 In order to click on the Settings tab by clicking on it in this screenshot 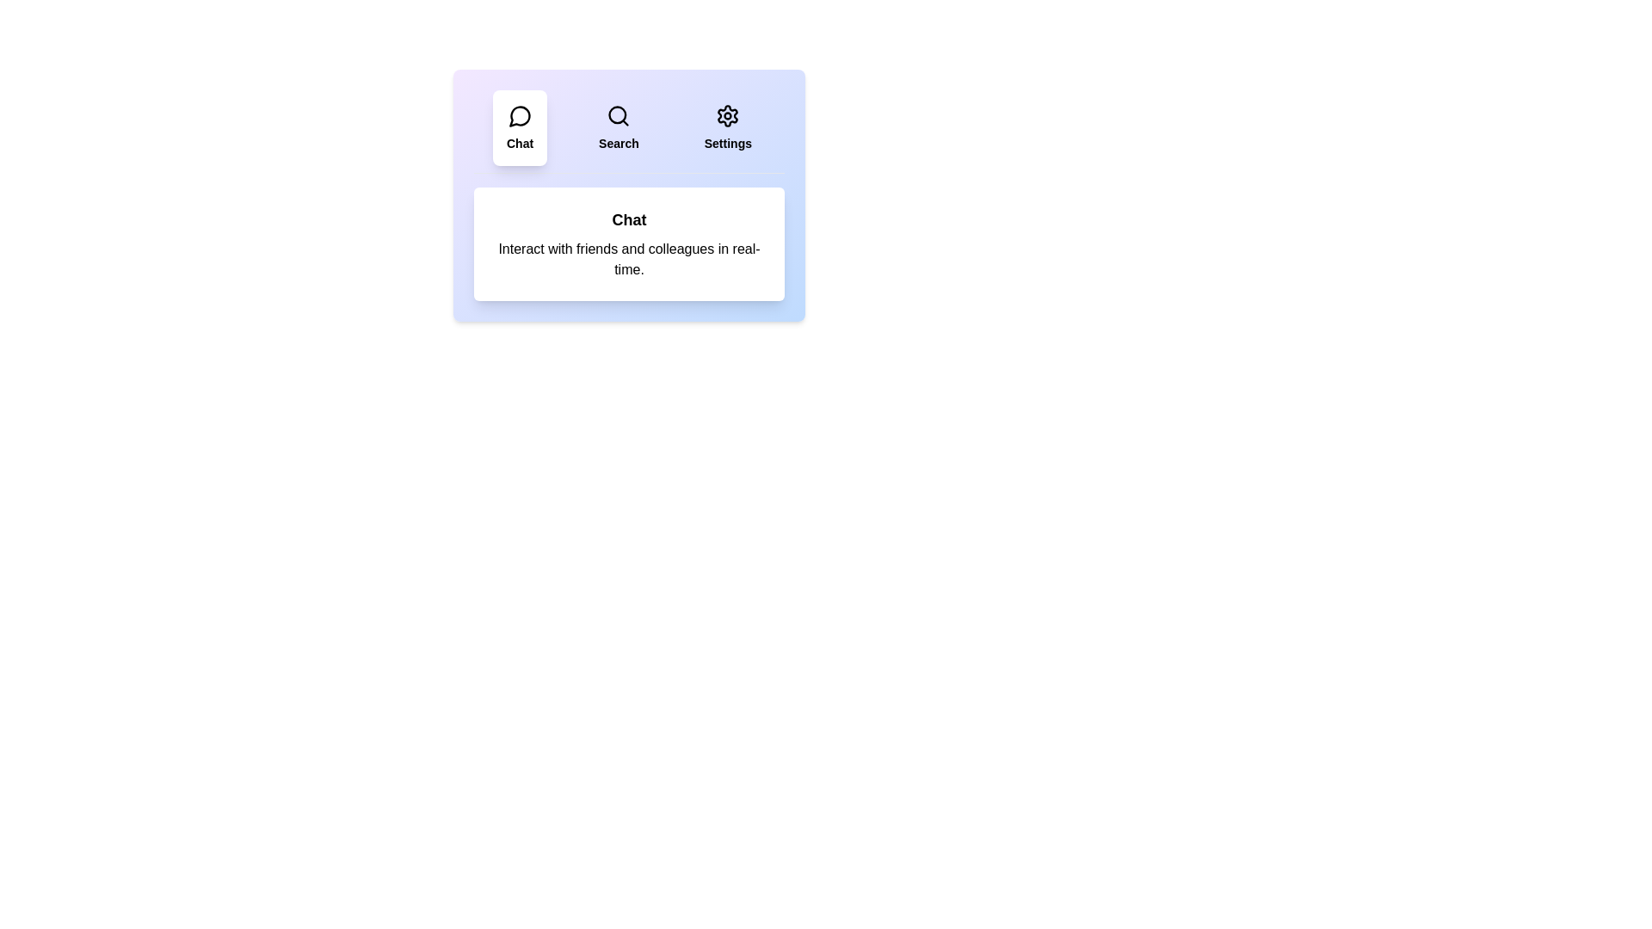, I will do `click(728, 127)`.